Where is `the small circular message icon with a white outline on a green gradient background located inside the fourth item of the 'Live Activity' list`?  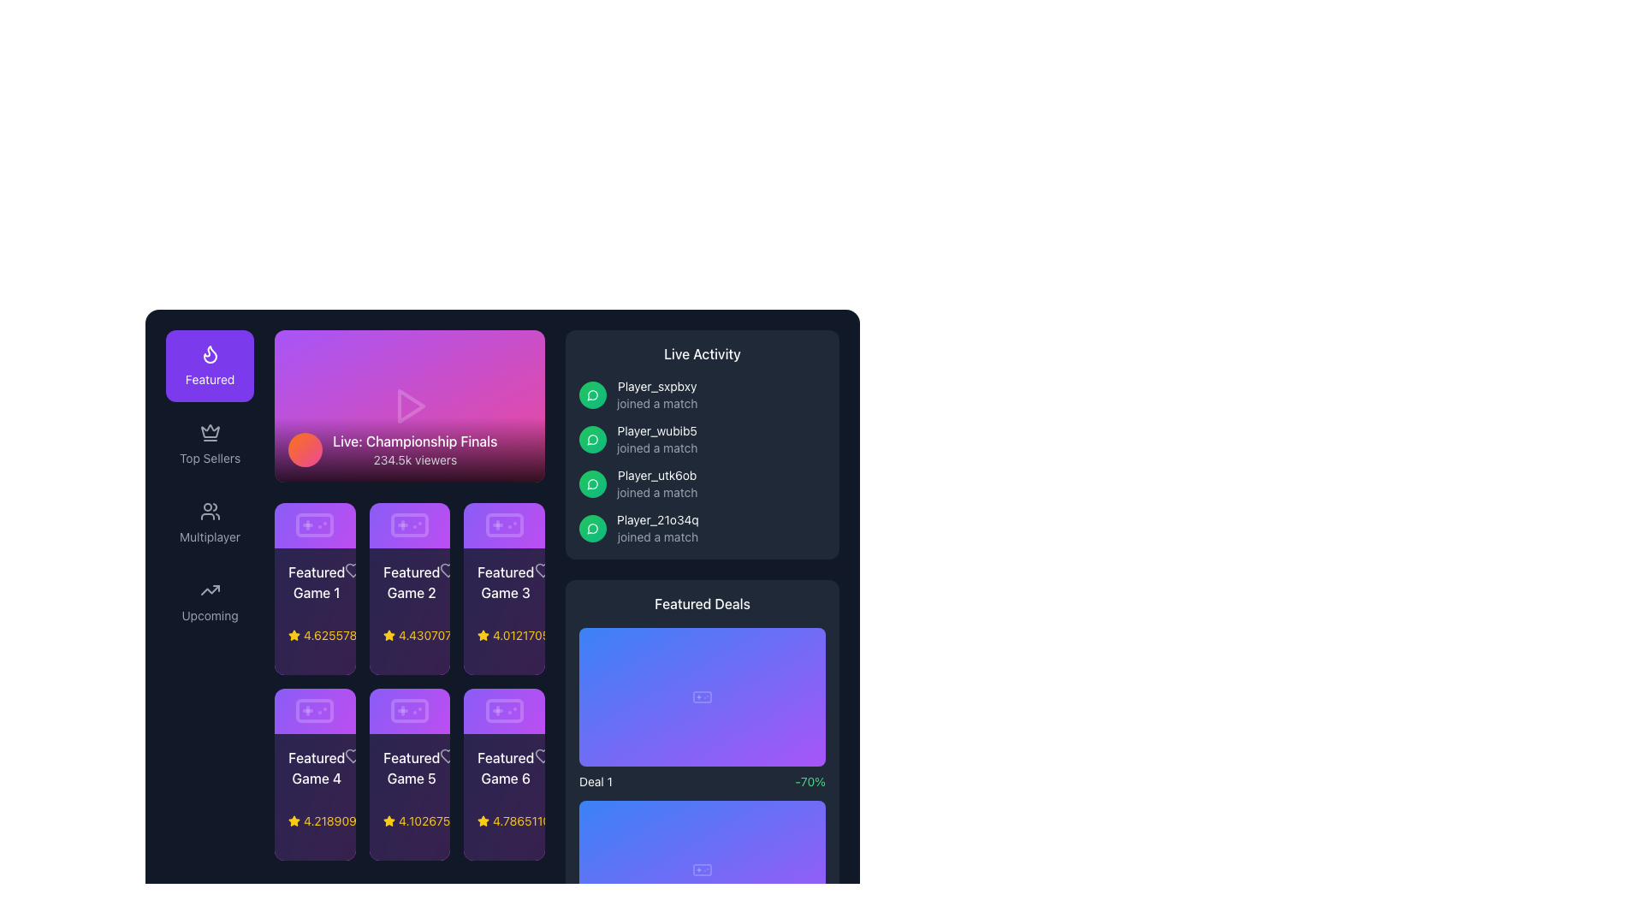
the small circular message icon with a white outline on a green gradient background located inside the fourth item of the 'Live Activity' list is located at coordinates (592, 438).